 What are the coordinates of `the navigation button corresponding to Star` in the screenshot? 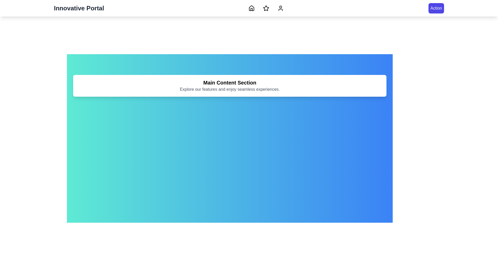 It's located at (266, 8).